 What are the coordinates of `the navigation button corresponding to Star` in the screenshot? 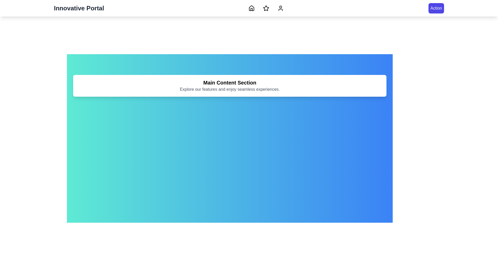 It's located at (266, 8).